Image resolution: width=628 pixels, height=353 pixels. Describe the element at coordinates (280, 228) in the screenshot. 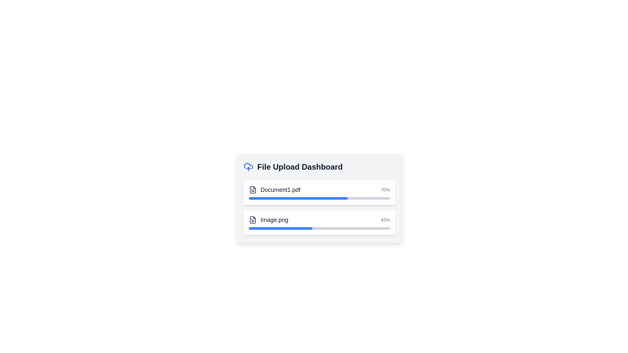

I see `the progress indicator that shows a 45% completion status within the second progress bar in a vertical stack of progress bars` at that location.